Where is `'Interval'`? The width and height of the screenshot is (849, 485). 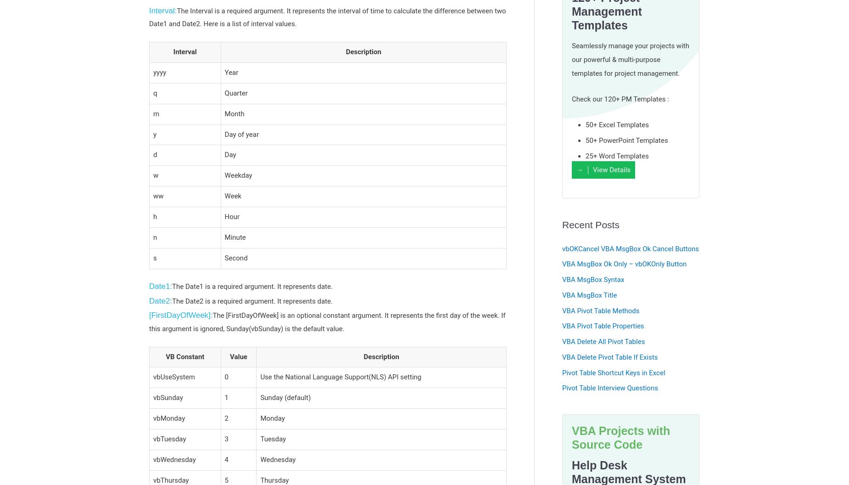
'Interval' is located at coordinates (173, 51).